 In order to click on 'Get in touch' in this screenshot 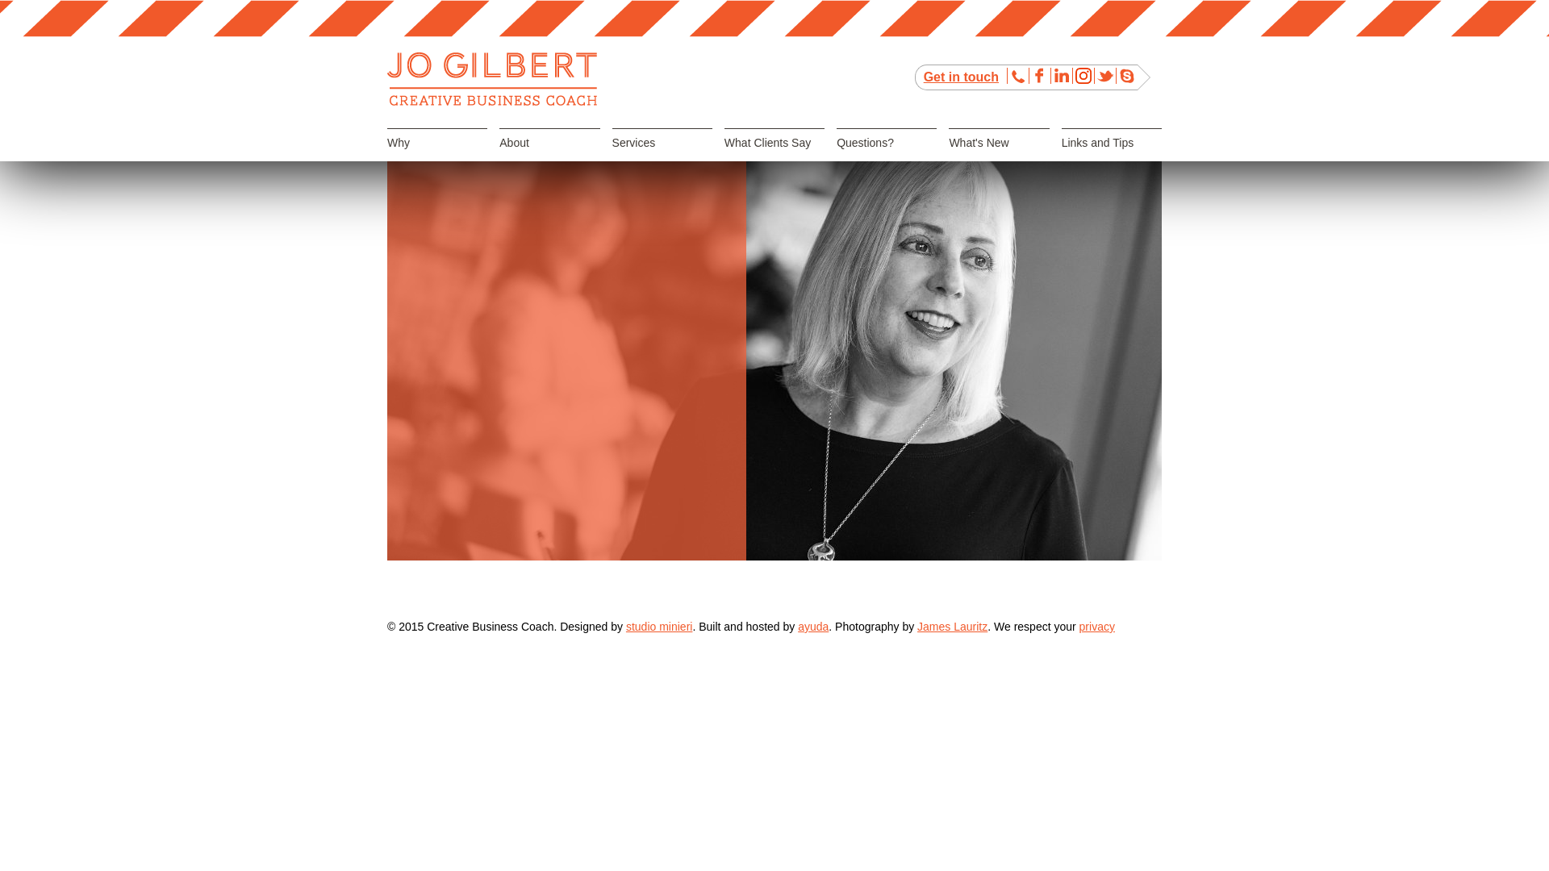, I will do `click(961, 77)`.